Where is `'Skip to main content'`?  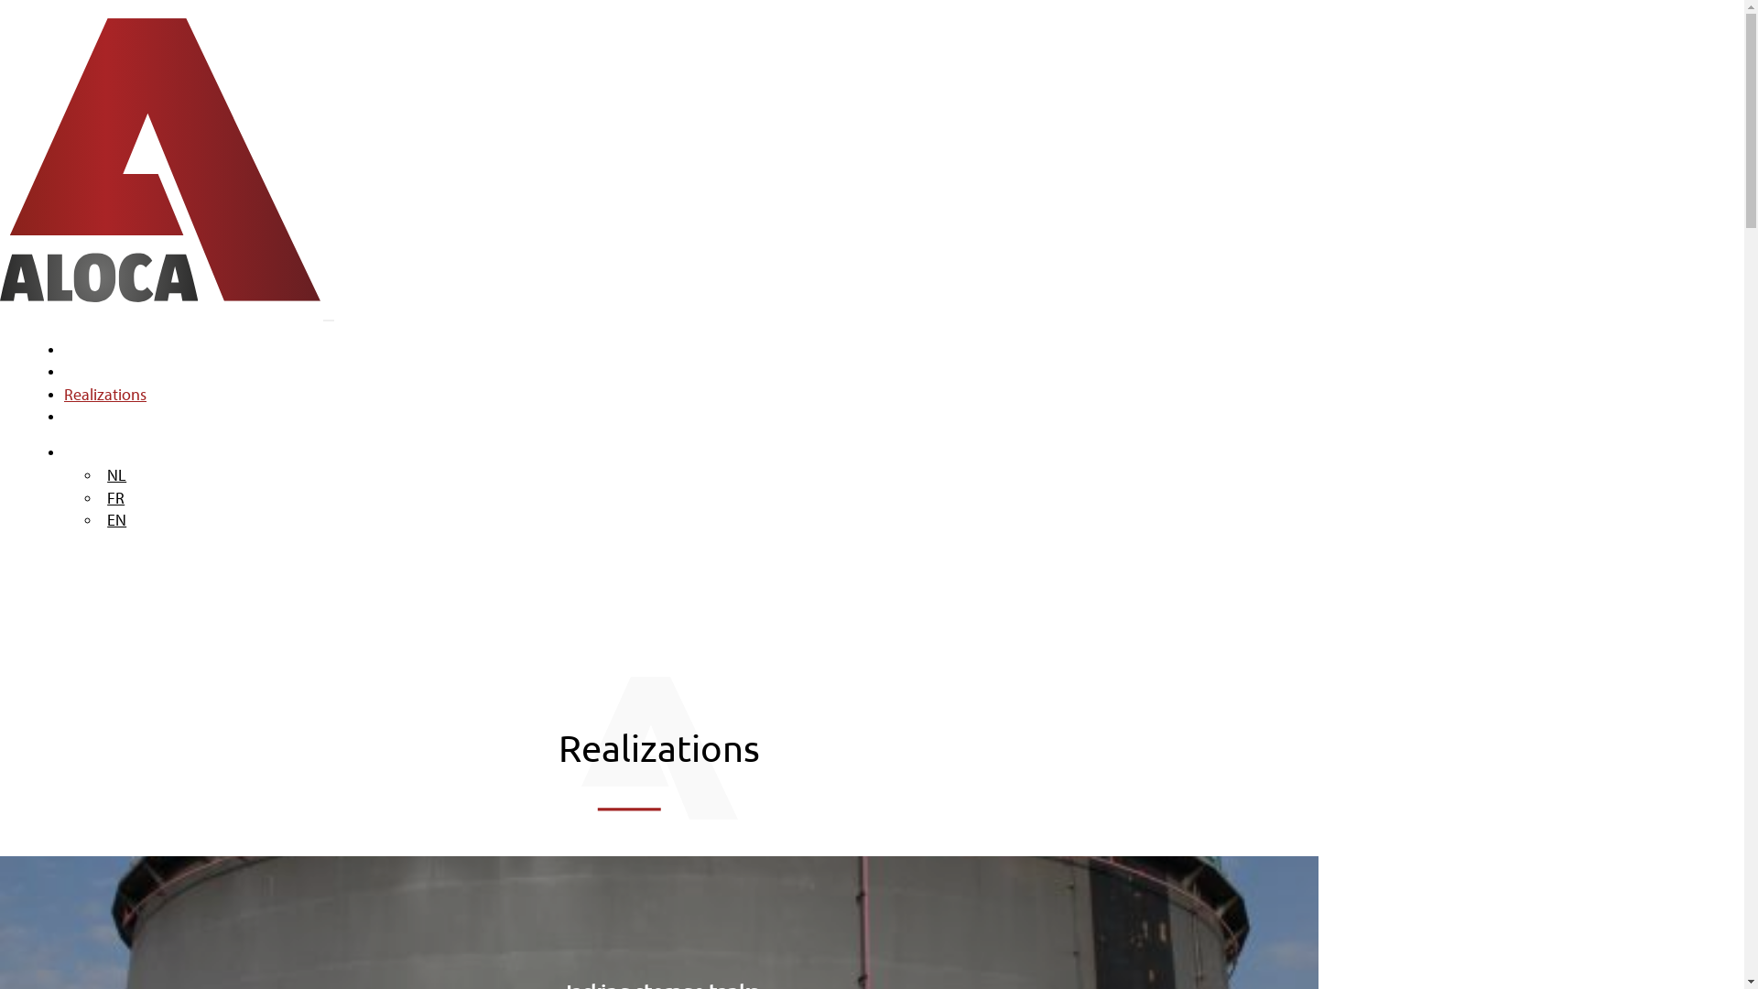
'Skip to main content' is located at coordinates (0, 0).